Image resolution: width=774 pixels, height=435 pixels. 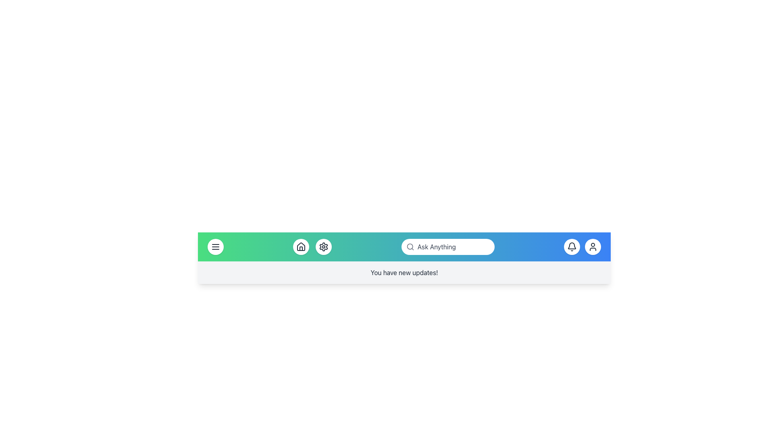 What do you see at coordinates (404, 272) in the screenshot?
I see `the notification message text label located at the bottom of the header section, centered horizontally below the main navigation bar` at bounding box center [404, 272].